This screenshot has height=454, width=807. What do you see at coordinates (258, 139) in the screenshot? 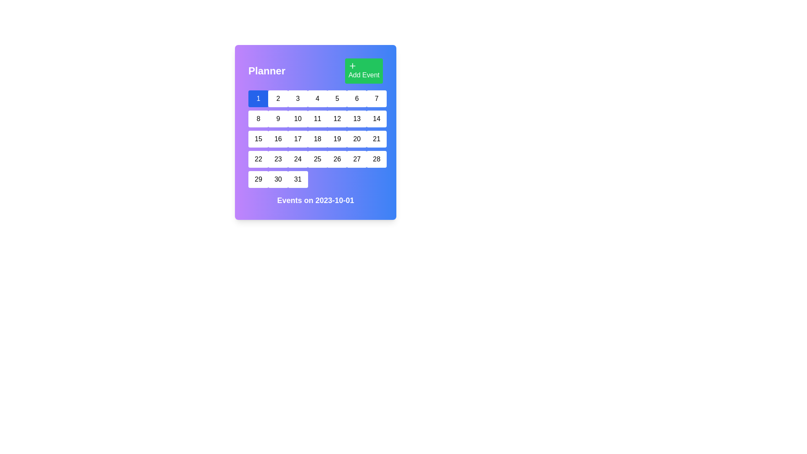
I see `the rounded rectangular button displaying the number '15' in the calendar grid` at bounding box center [258, 139].